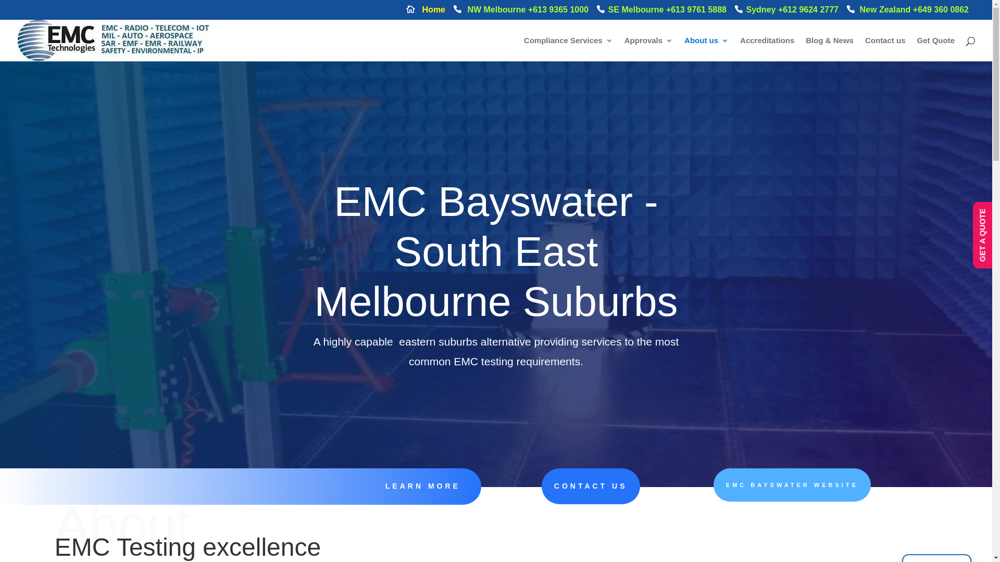 Image resolution: width=1000 pixels, height=562 pixels. Describe the element at coordinates (648, 49) in the screenshot. I see `'Approvals'` at that location.